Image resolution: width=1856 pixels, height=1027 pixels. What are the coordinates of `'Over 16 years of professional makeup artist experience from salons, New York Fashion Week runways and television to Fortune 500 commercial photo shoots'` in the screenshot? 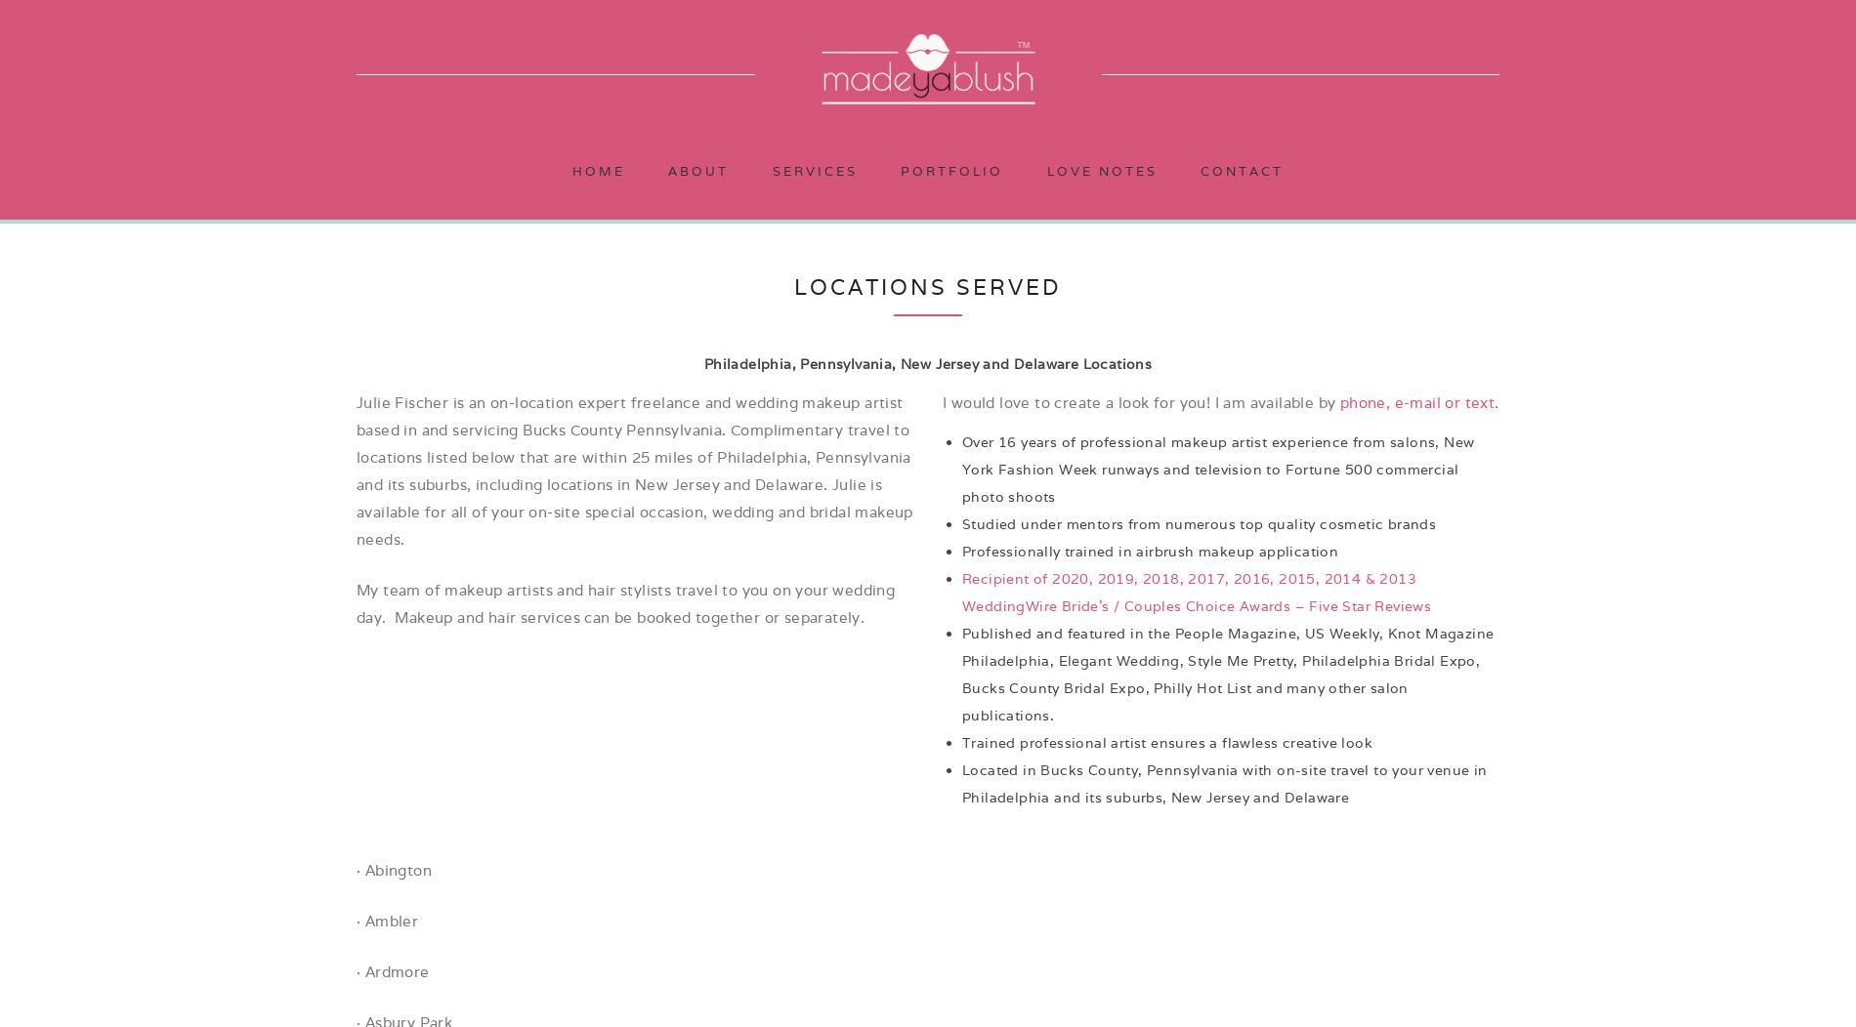 It's located at (1216, 469).